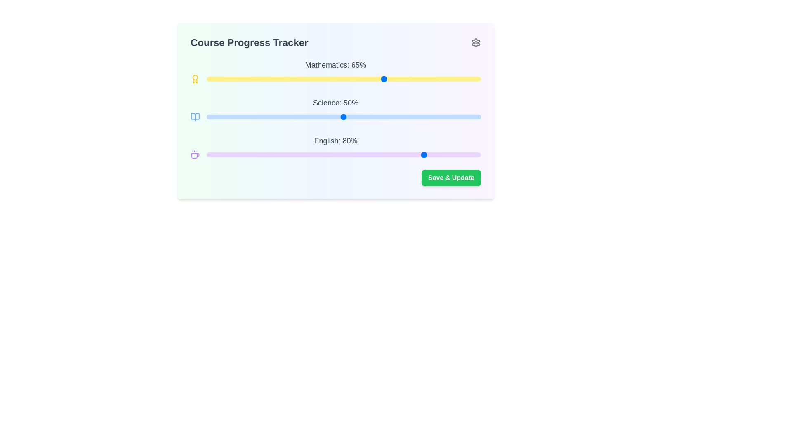 The width and height of the screenshot is (792, 445). What do you see at coordinates (212, 155) in the screenshot?
I see `the English progress` at bounding box center [212, 155].